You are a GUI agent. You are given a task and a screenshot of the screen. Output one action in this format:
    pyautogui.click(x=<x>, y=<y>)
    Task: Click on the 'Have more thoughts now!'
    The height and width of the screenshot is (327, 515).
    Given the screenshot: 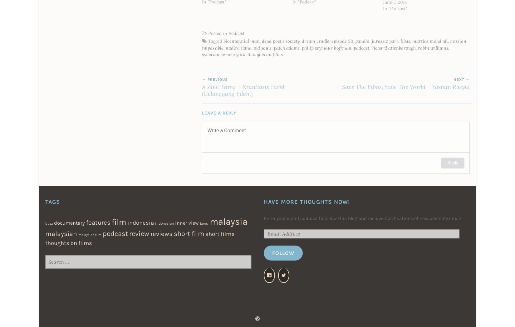 What is the action you would take?
    pyautogui.click(x=307, y=201)
    